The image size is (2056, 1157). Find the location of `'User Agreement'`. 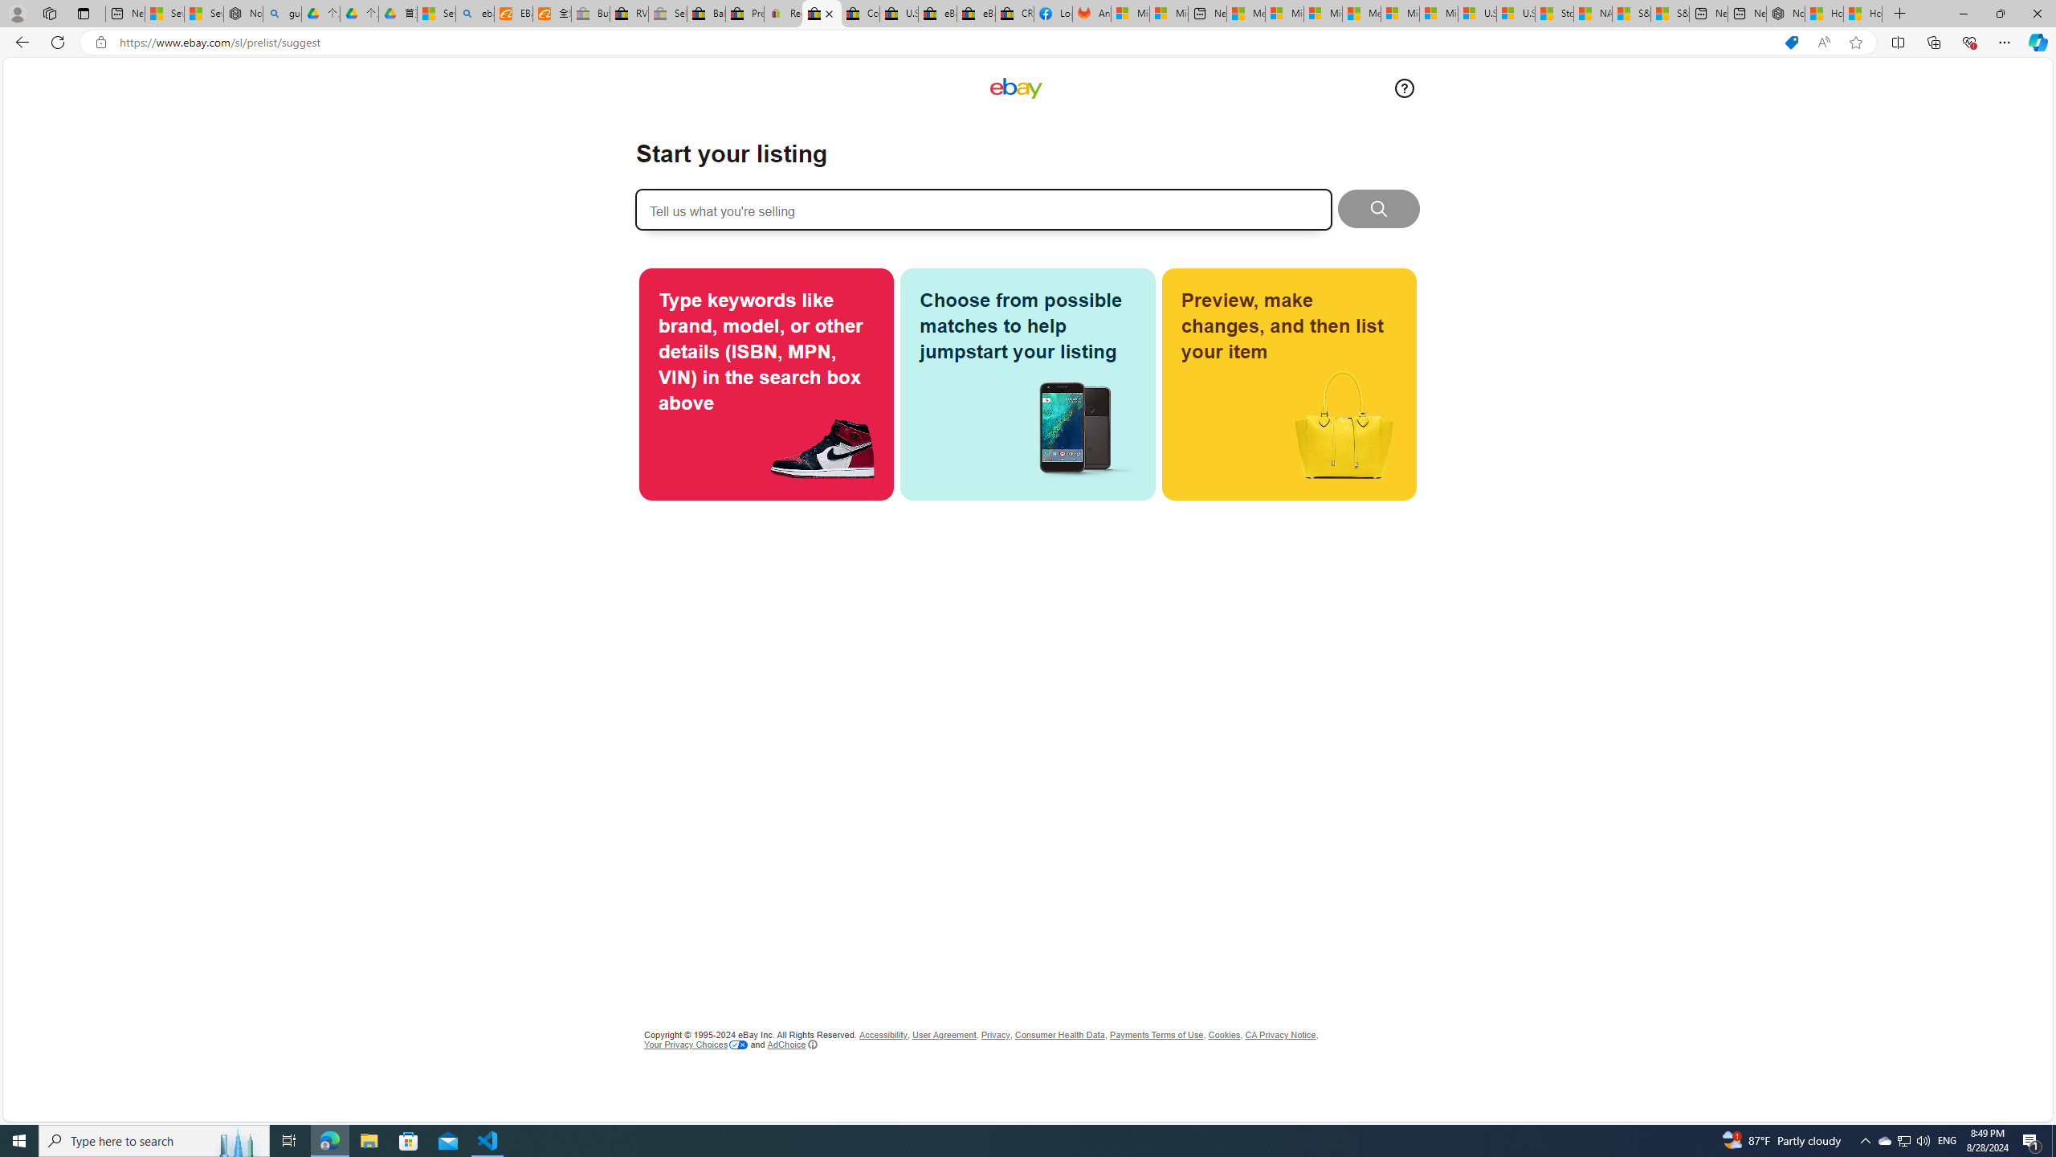

'User Agreement' is located at coordinates (944, 1034).